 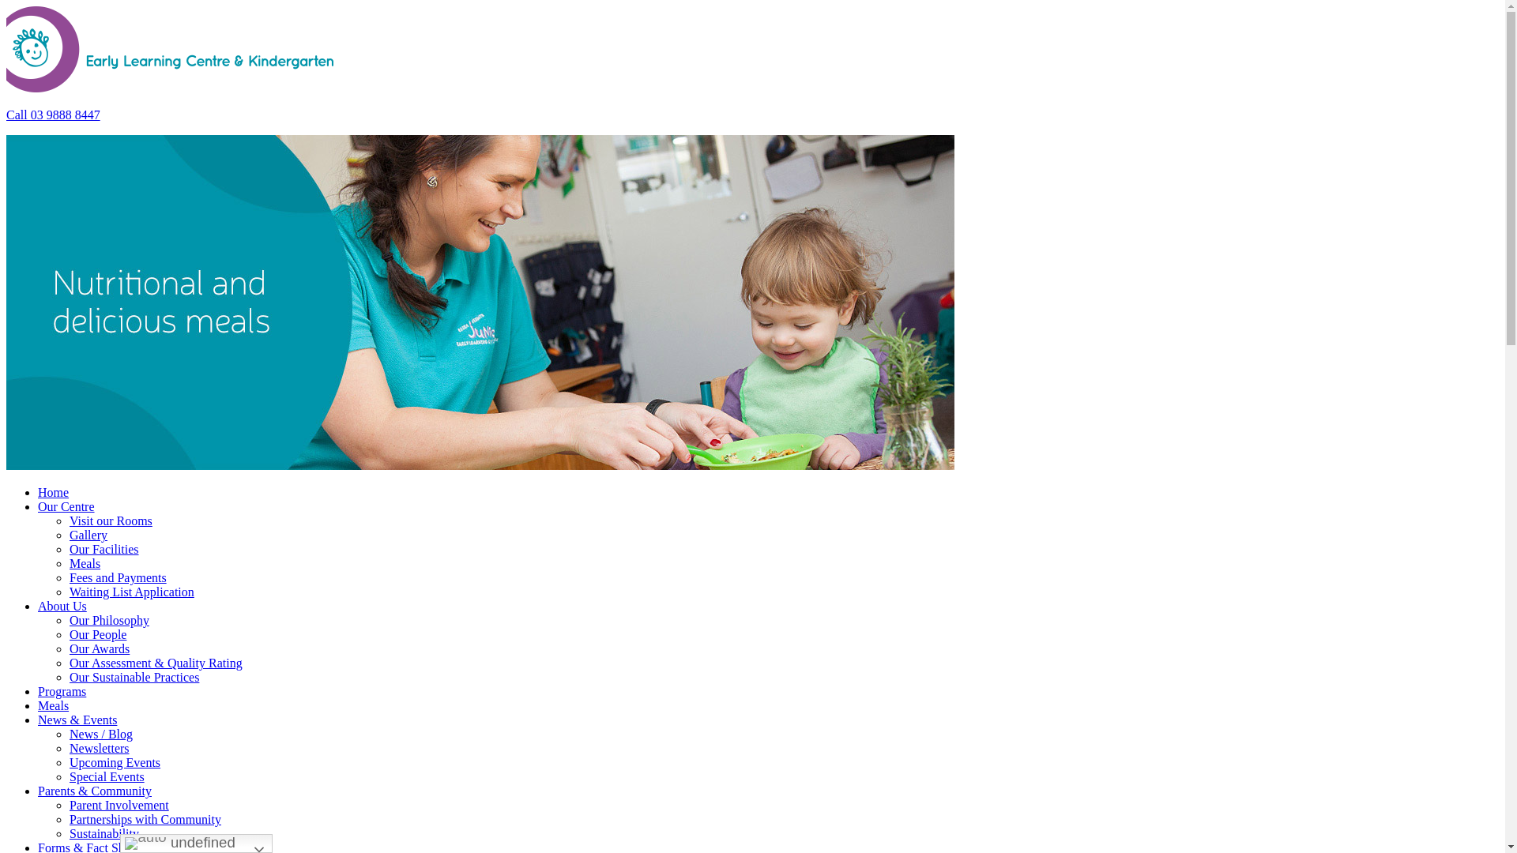 I want to click on 'Our Awards', so click(x=98, y=648).